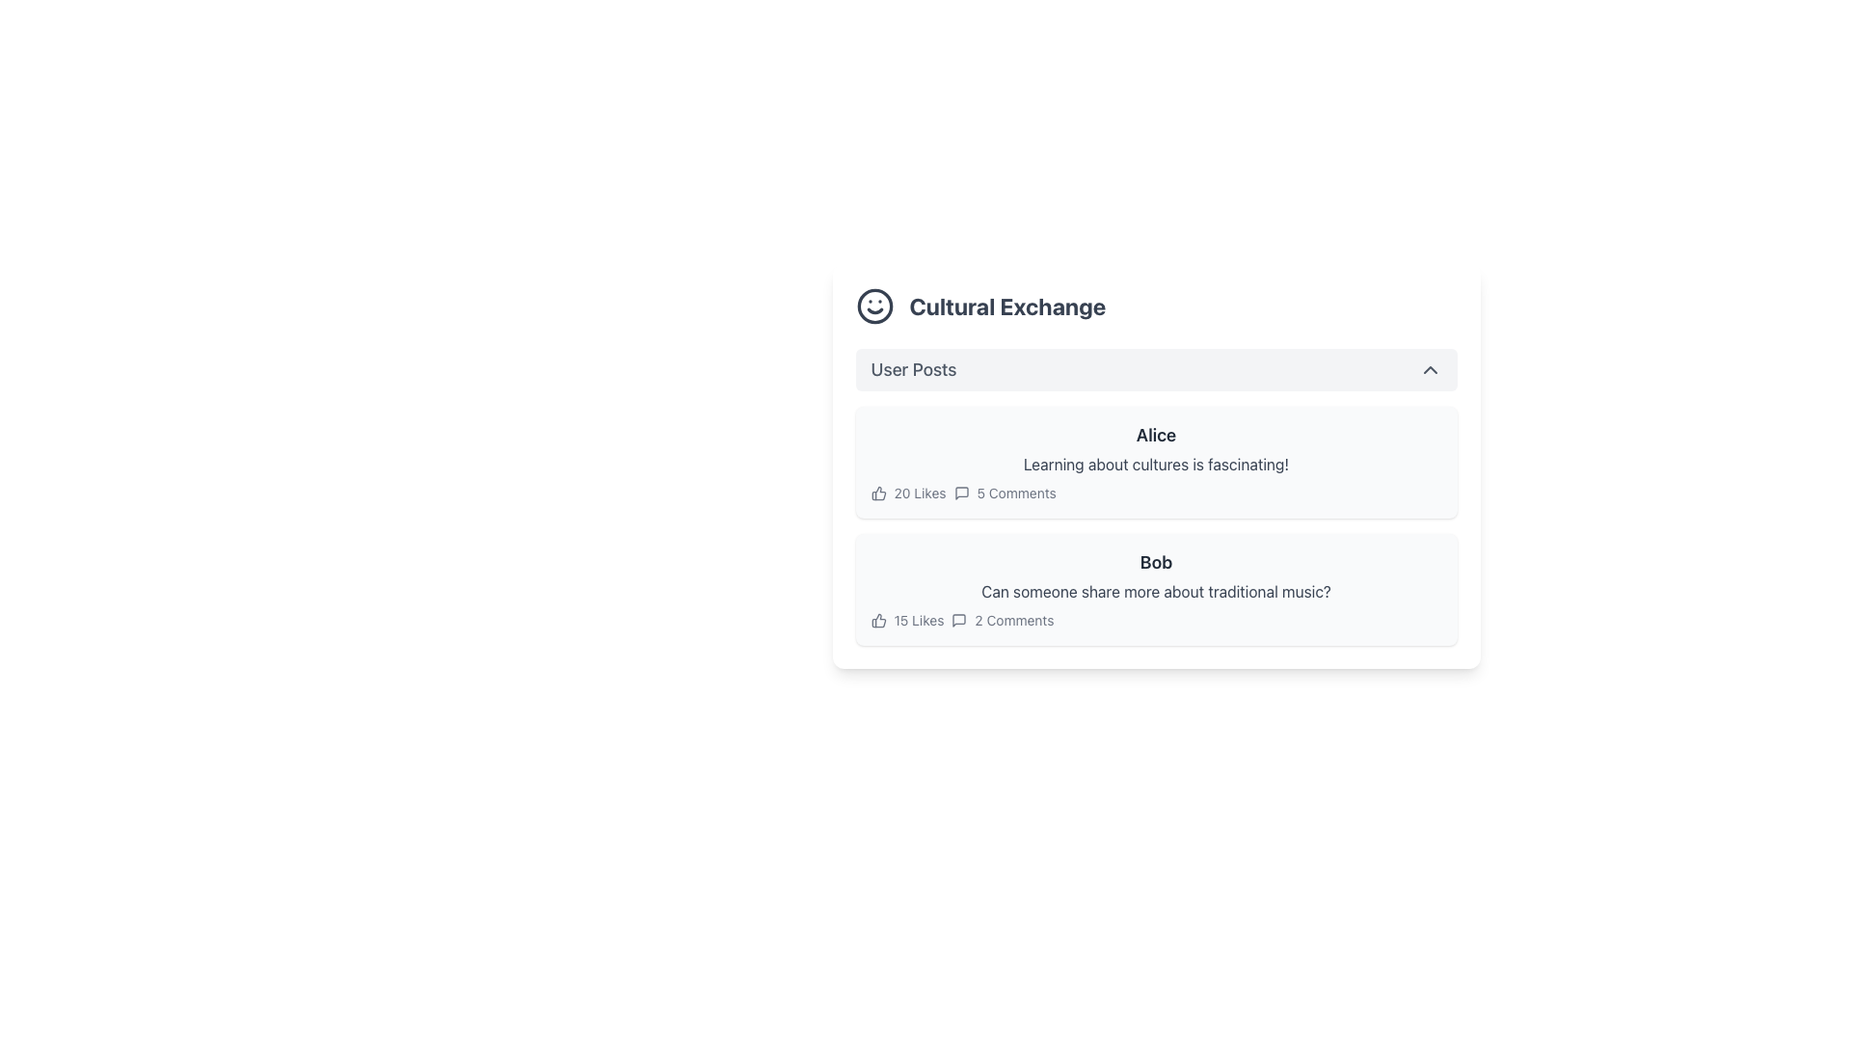 The height and width of the screenshot is (1041, 1851). Describe the element at coordinates (1156, 589) in the screenshot. I see `to select the social post authored by 'Bob' about traditional music, which is the second post in the 'Cultural Exchange' section` at that location.